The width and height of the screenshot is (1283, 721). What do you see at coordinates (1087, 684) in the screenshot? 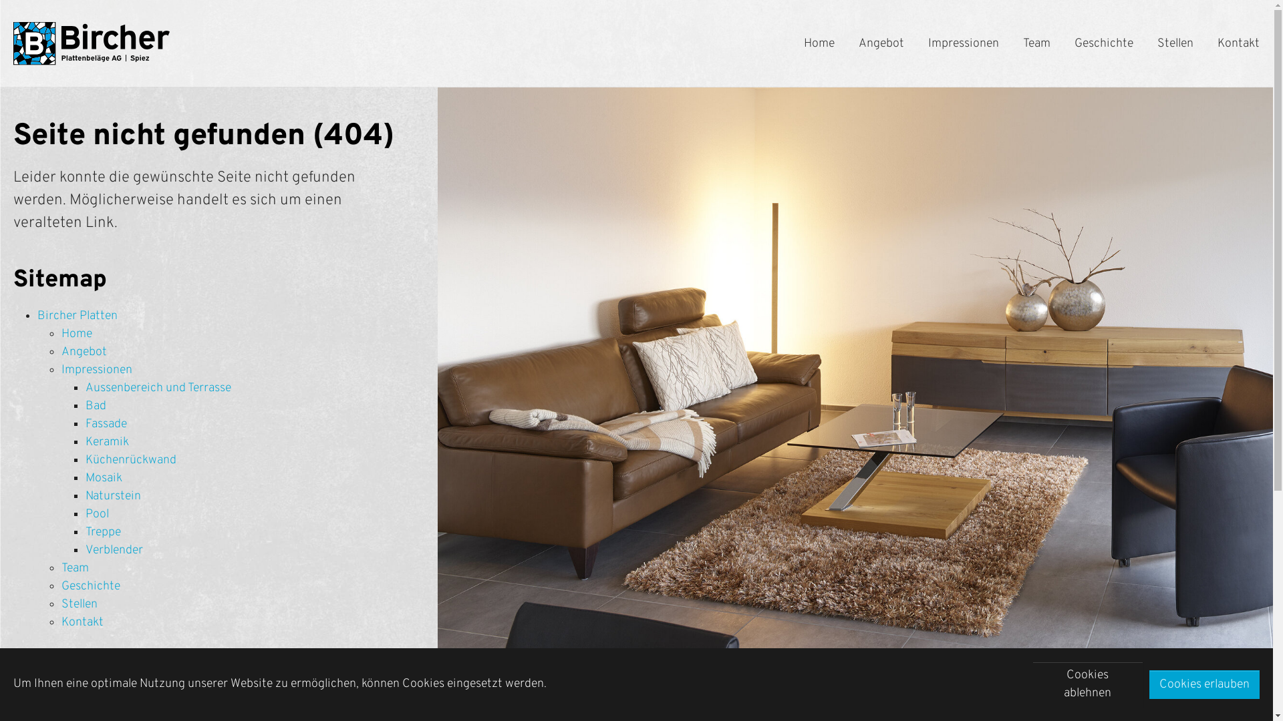
I see `'Cookies ablehnen'` at bounding box center [1087, 684].